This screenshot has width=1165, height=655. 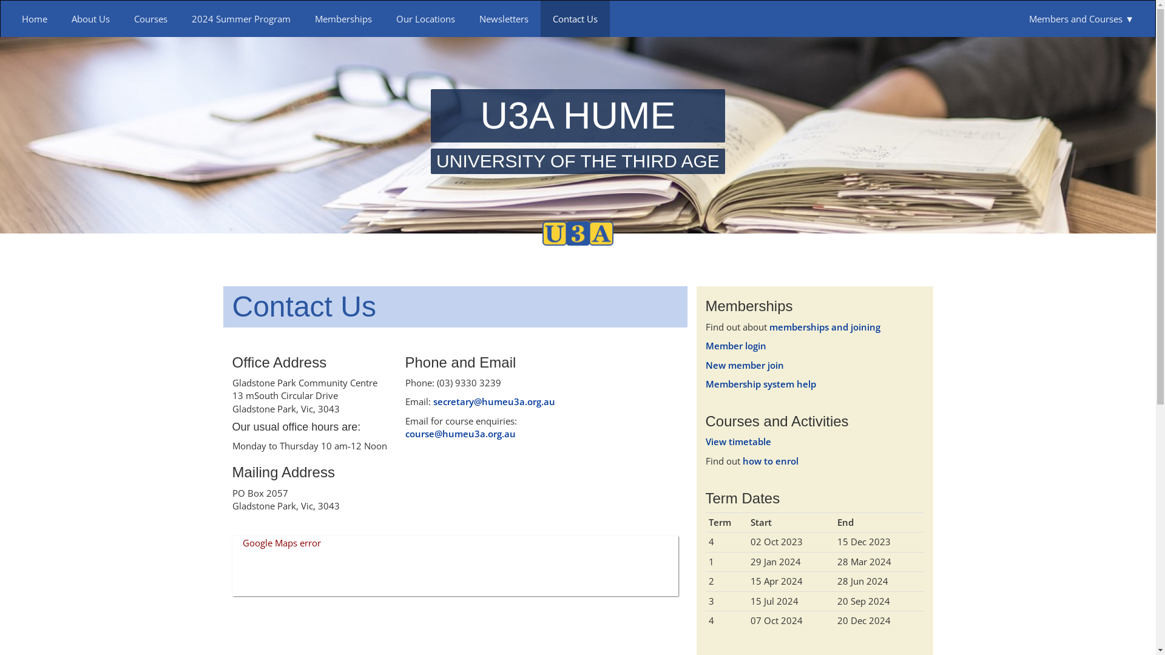 What do you see at coordinates (466, 18) in the screenshot?
I see `'Newsletters'` at bounding box center [466, 18].